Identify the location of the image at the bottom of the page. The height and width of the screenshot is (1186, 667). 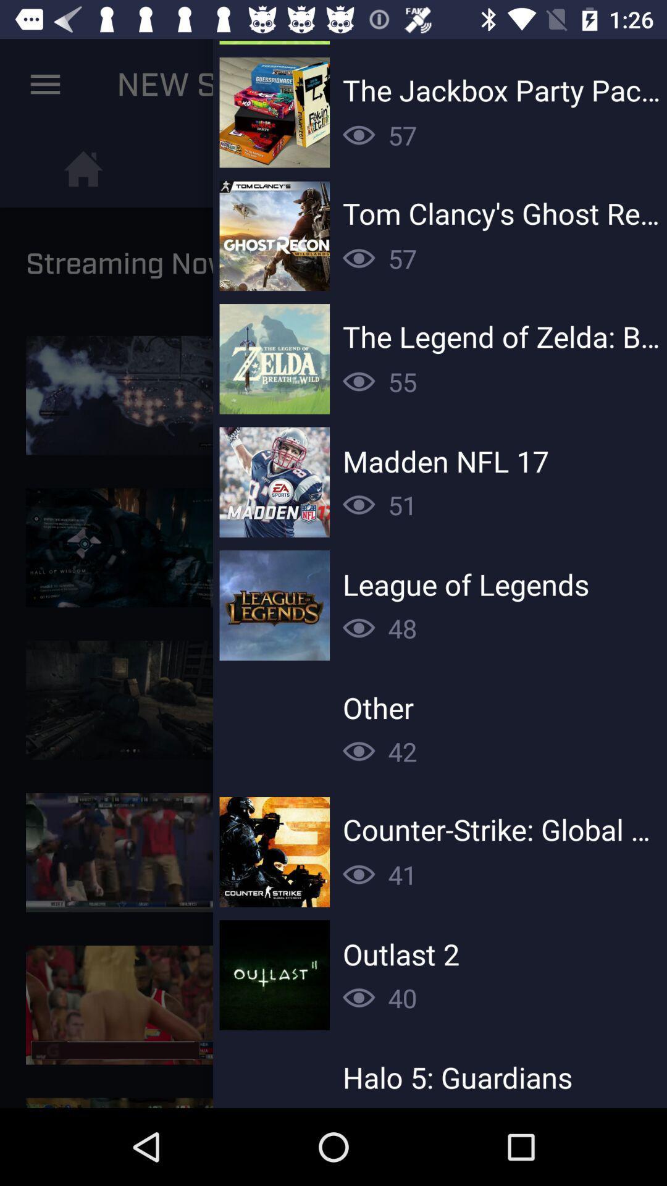
(131, 1005).